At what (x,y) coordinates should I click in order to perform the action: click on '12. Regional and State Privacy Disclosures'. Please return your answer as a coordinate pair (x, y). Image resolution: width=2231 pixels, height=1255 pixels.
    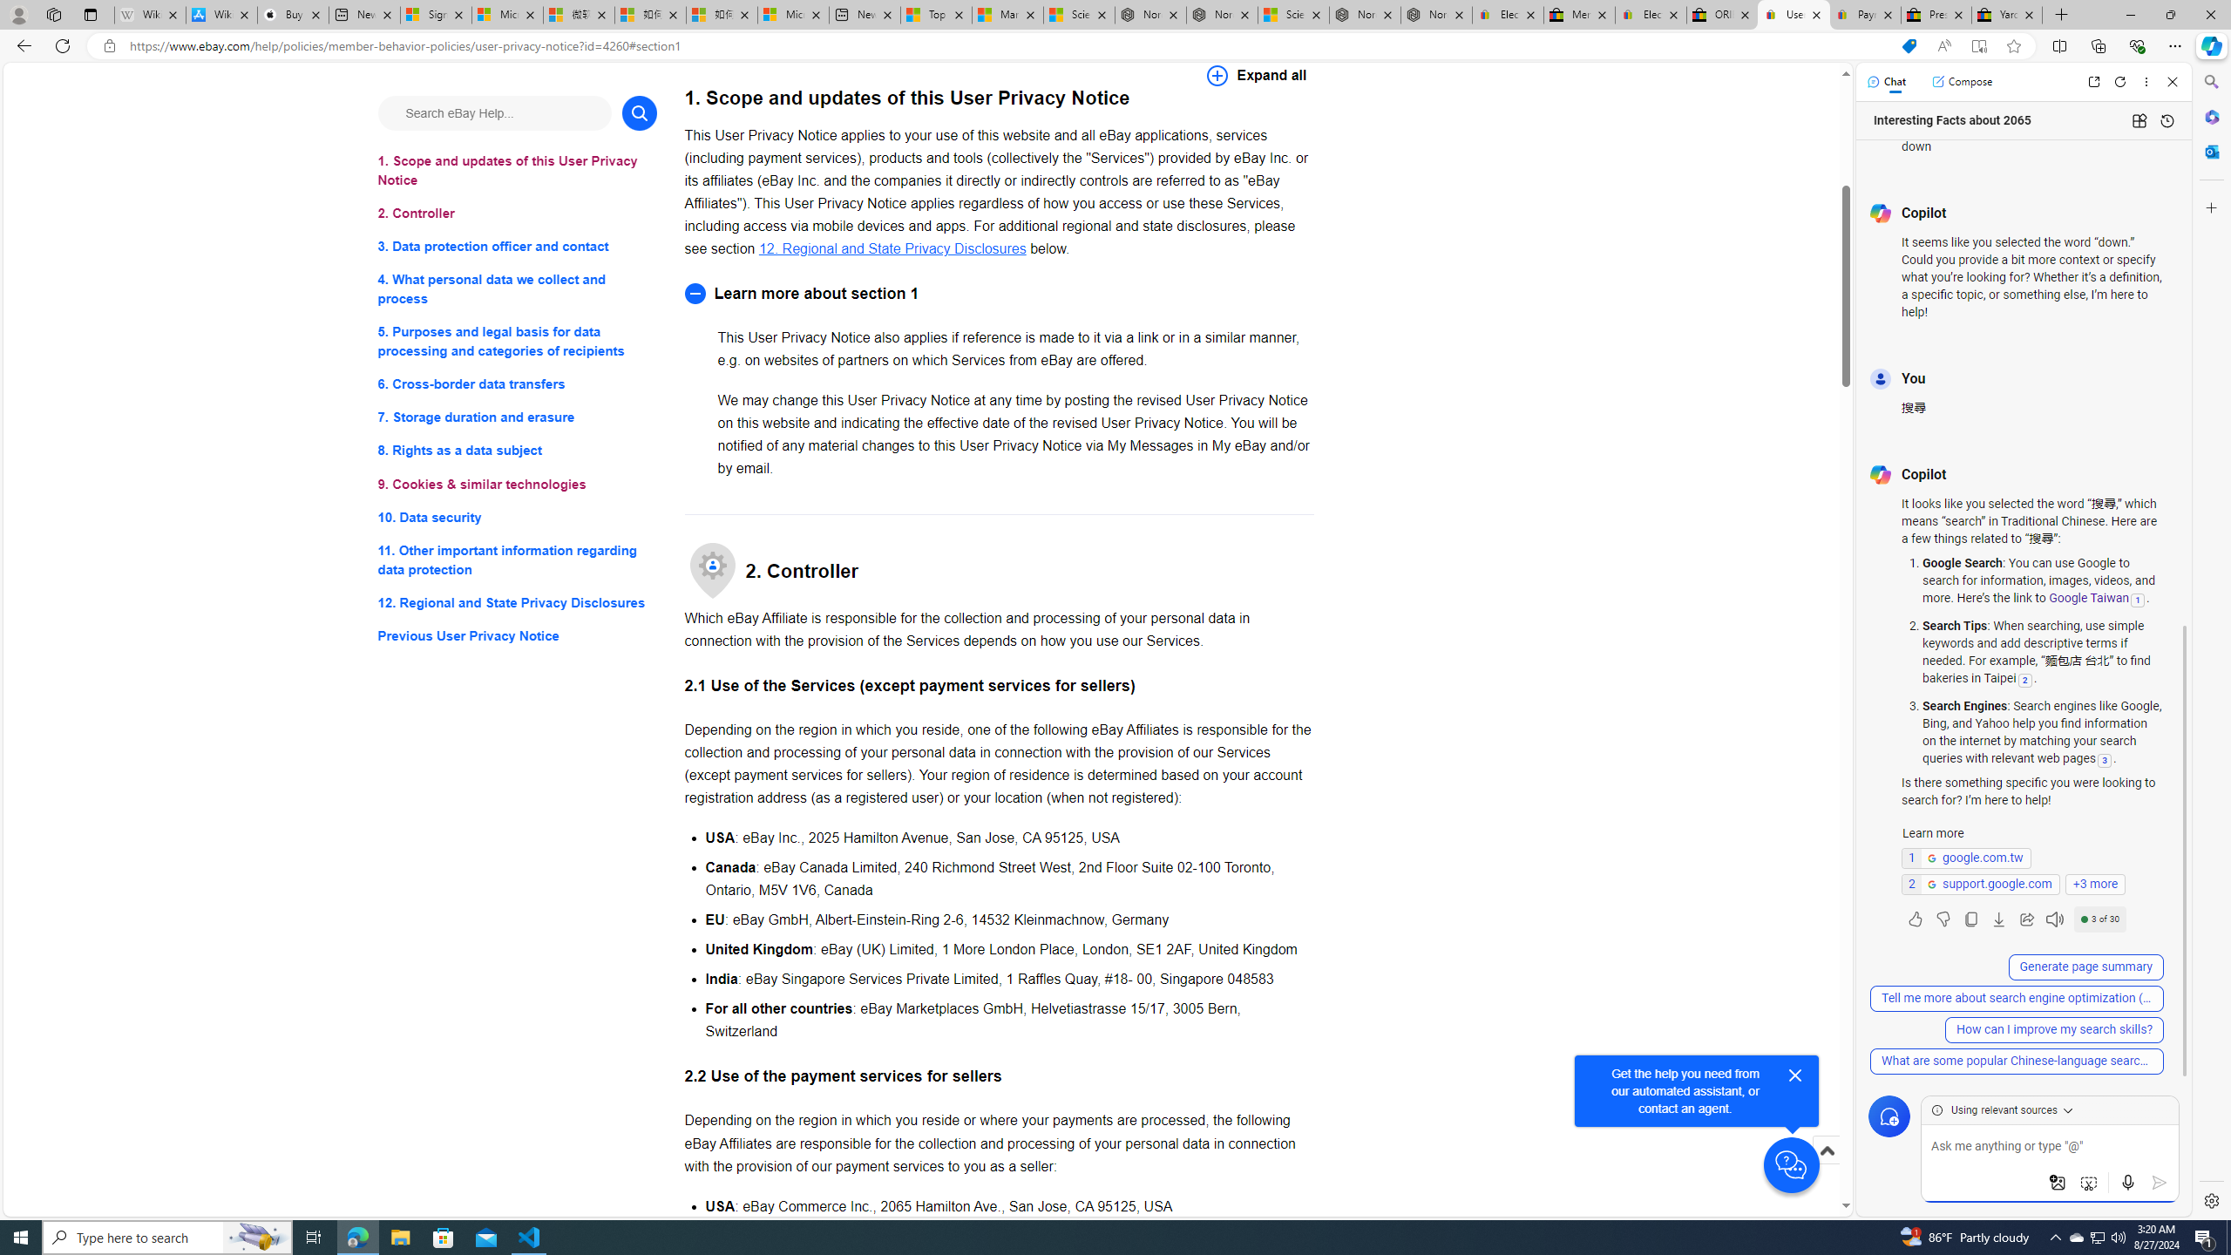
    Looking at the image, I should click on (892, 248).